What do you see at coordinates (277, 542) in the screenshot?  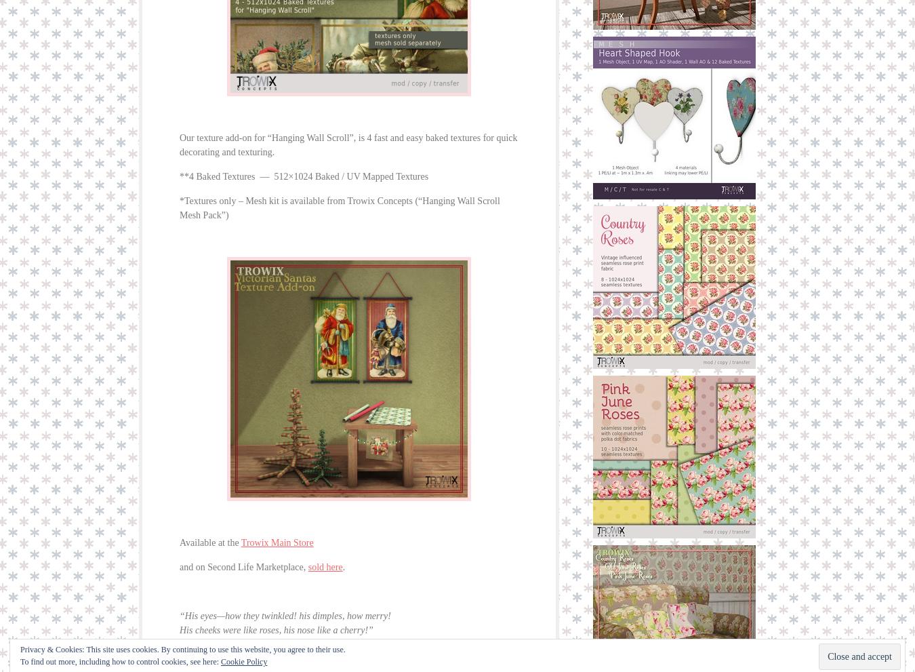 I see `'Trowix Main Store'` at bounding box center [277, 542].